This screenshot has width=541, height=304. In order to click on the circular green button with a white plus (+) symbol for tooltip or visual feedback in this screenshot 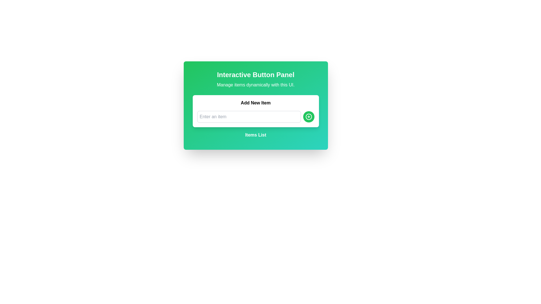, I will do `click(308, 117)`.